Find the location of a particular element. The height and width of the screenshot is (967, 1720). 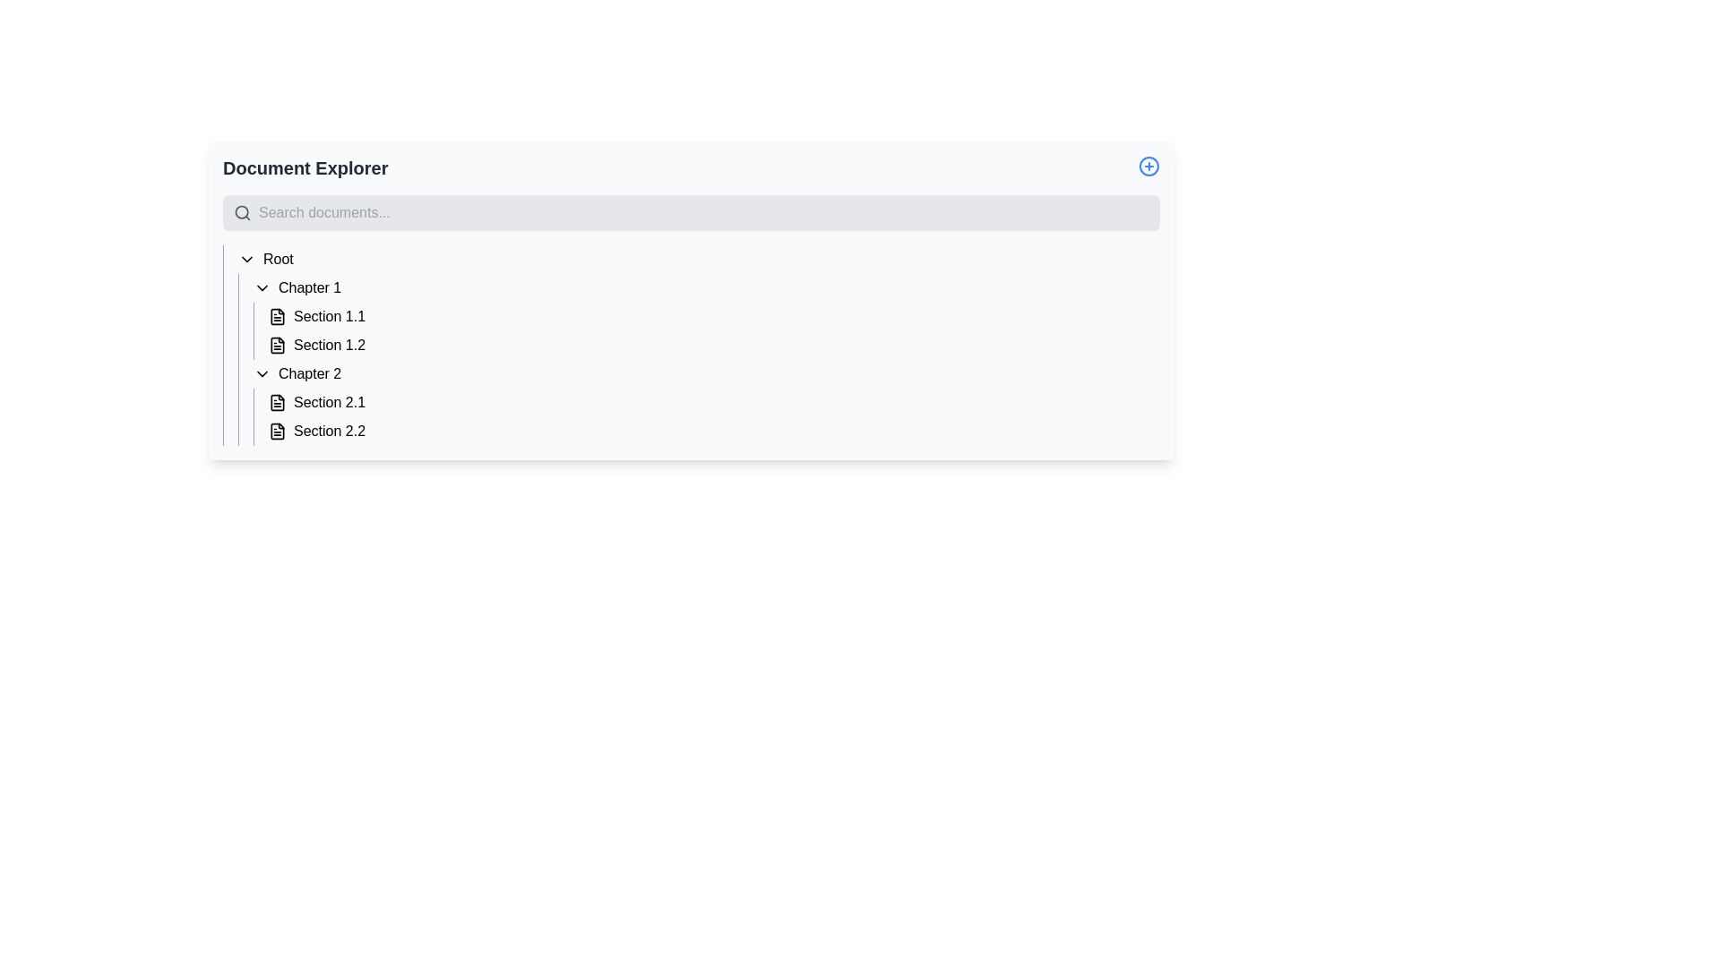

the Text label that serves as a title or identifier for a section or chapter within the document, located beneath Chapter 1 and aligned with other chapter headings is located at coordinates (310, 372).